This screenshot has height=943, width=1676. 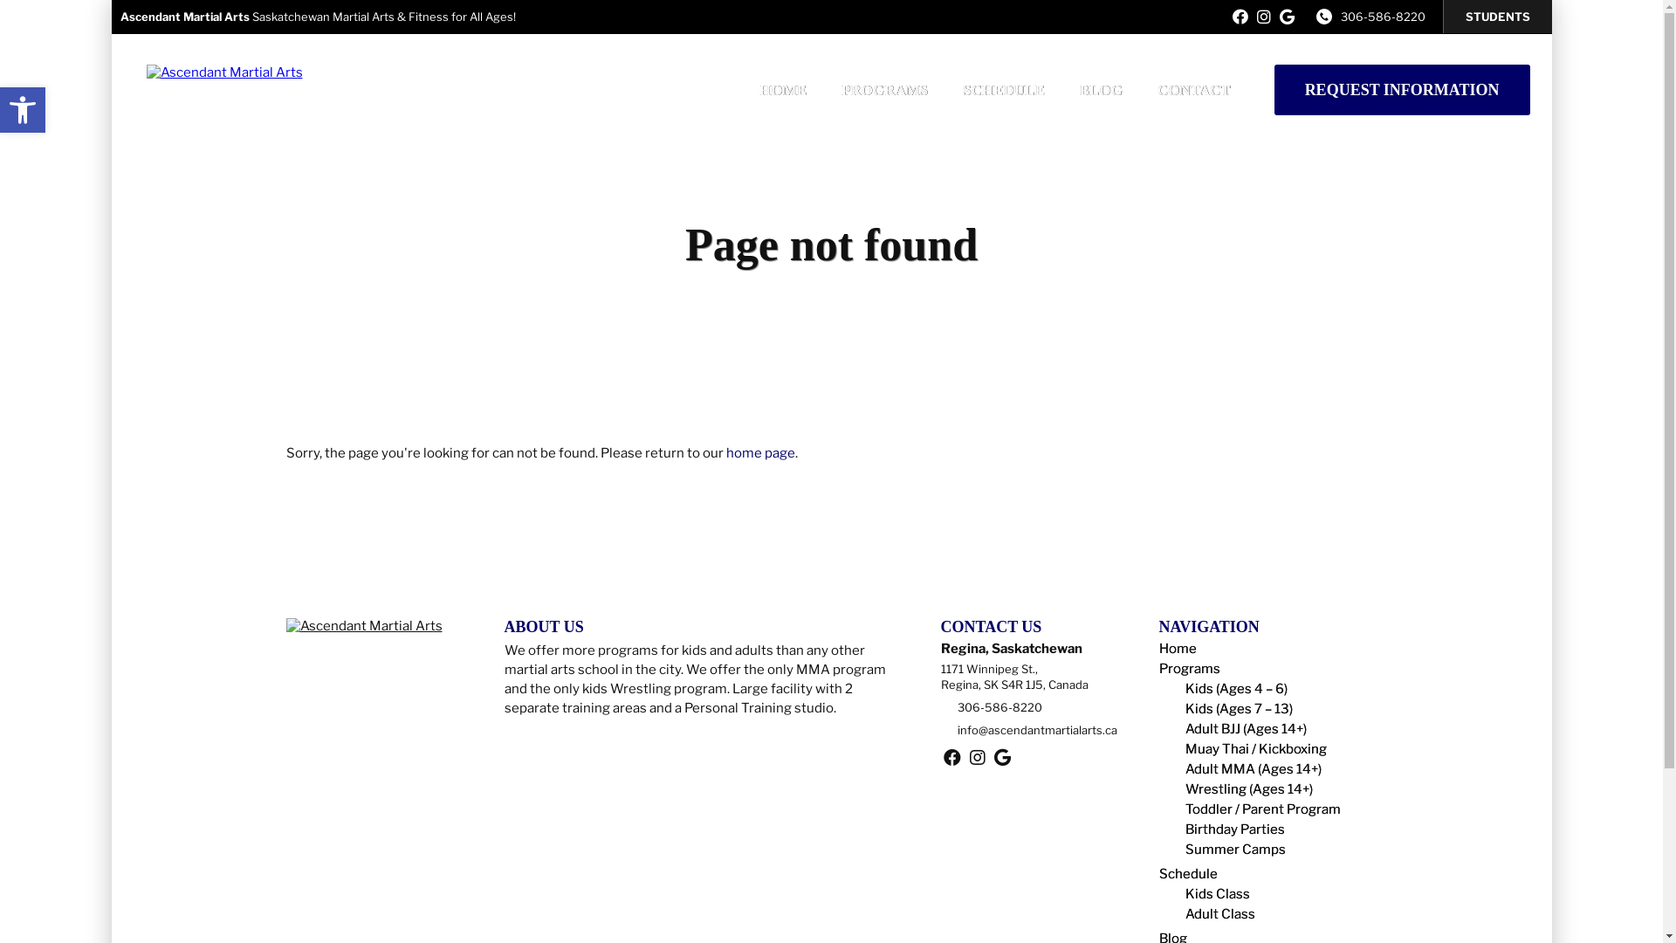 What do you see at coordinates (1004, 89) in the screenshot?
I see `'SCHEDULE'` at bounding box center [1004, 89].